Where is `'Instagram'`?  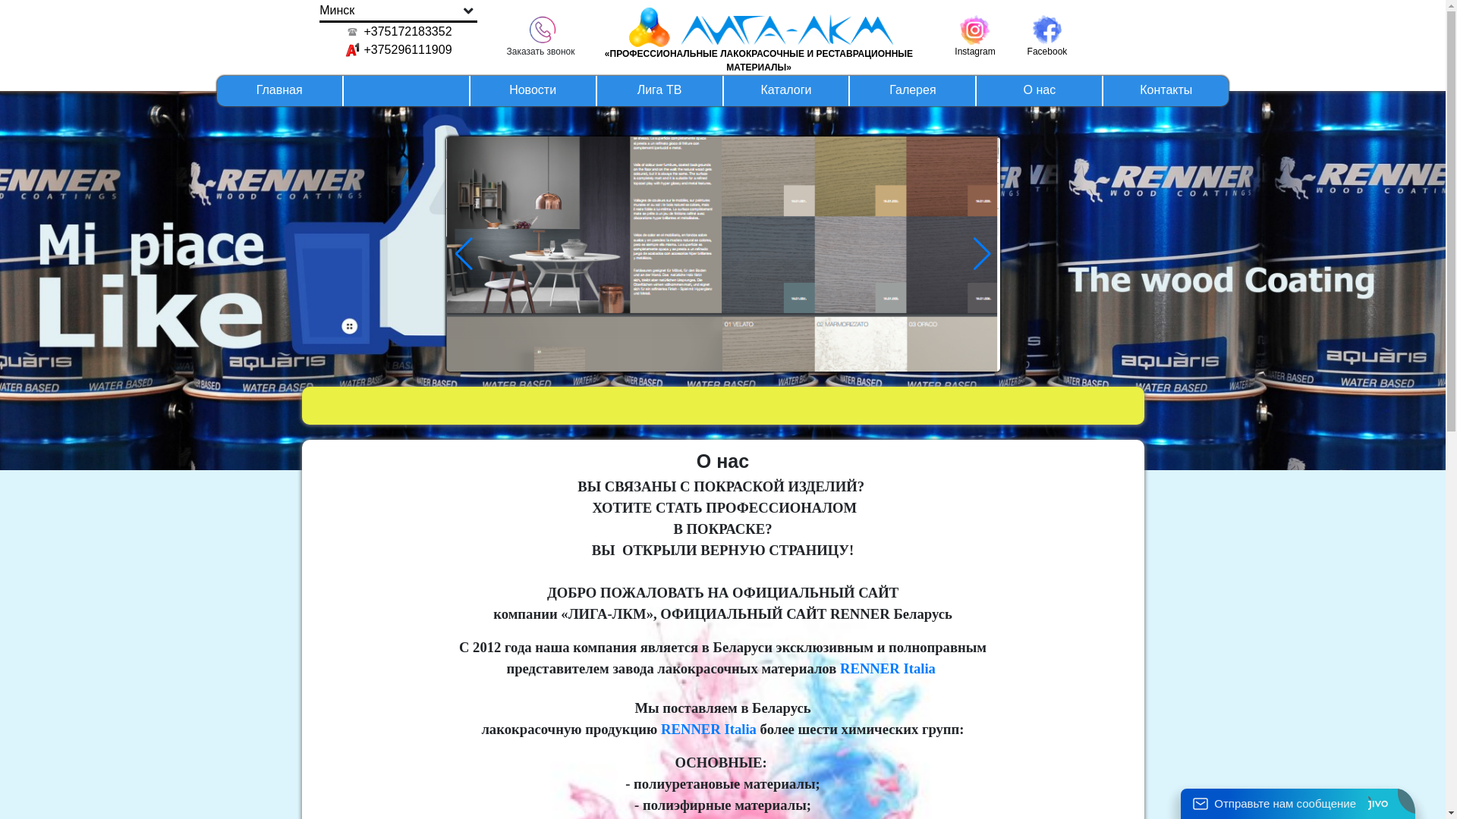 'Instagram' is located at coordinates (974, 29).